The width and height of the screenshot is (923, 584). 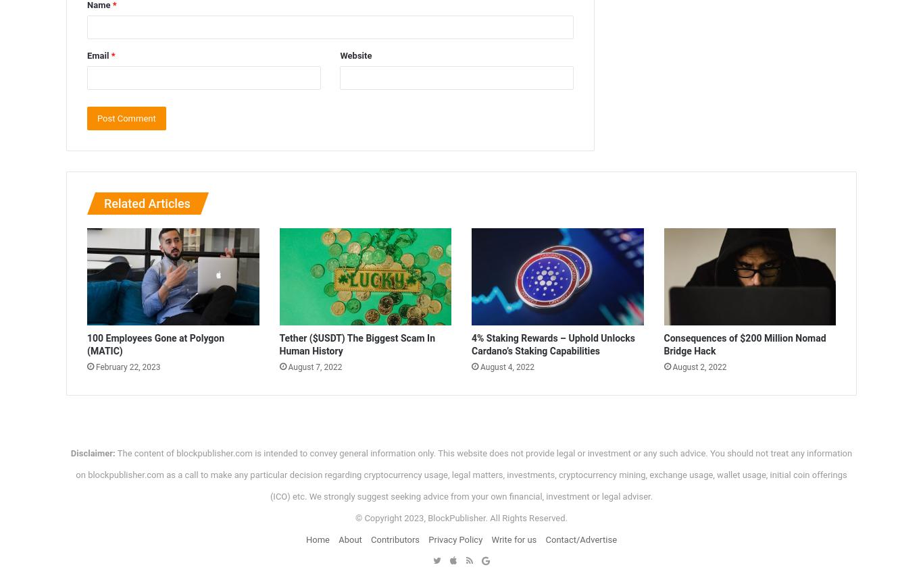 What do you see at coordinates (349, 538) in the screenshot?
I see `'About'` at bounding box center [349, 538].